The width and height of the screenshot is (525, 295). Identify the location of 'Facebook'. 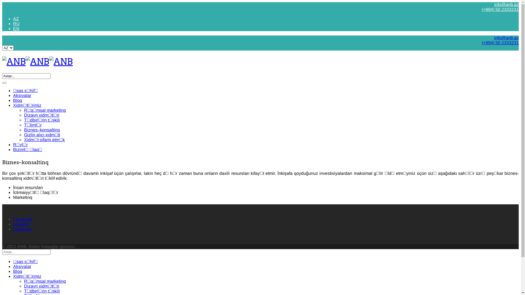
(22, 219).